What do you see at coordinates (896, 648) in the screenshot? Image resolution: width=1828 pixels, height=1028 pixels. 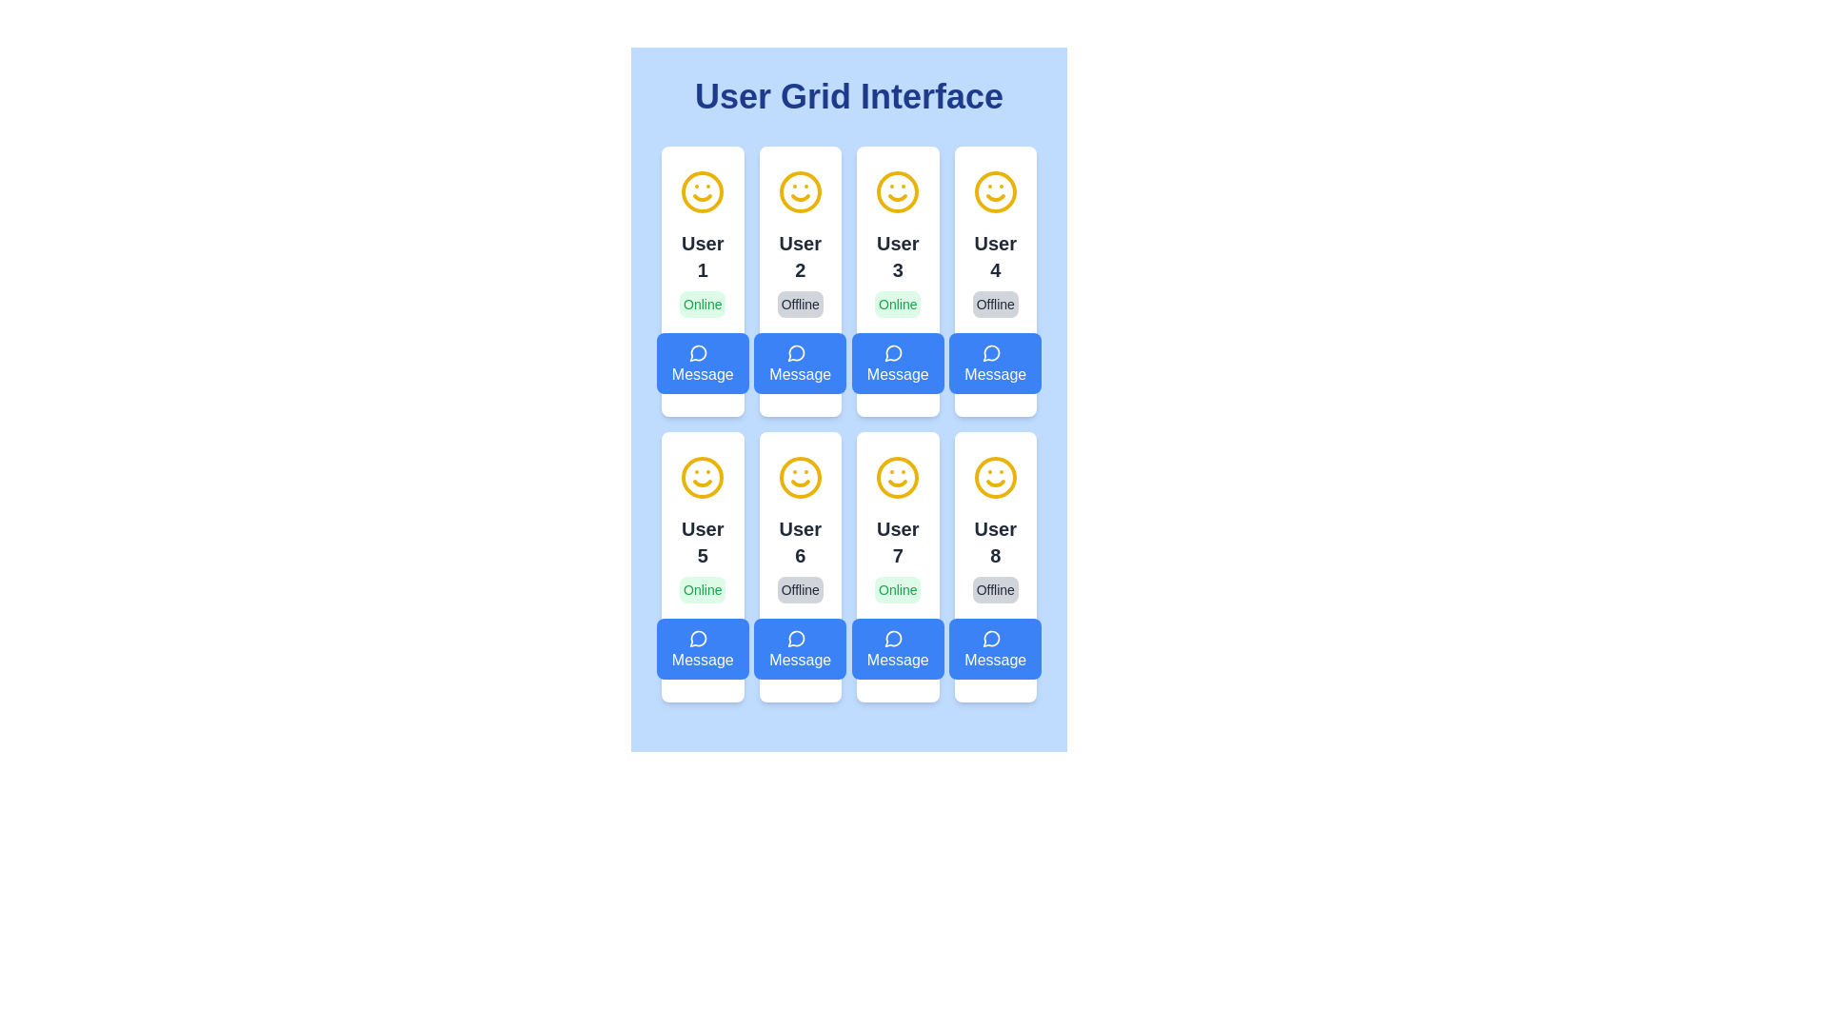 I see `the distinct blue button labeled 'Message' with a white speech bubble icon, located in the lower section of the 'User 7' card to initiate a message` at bounding box center [896, 648].